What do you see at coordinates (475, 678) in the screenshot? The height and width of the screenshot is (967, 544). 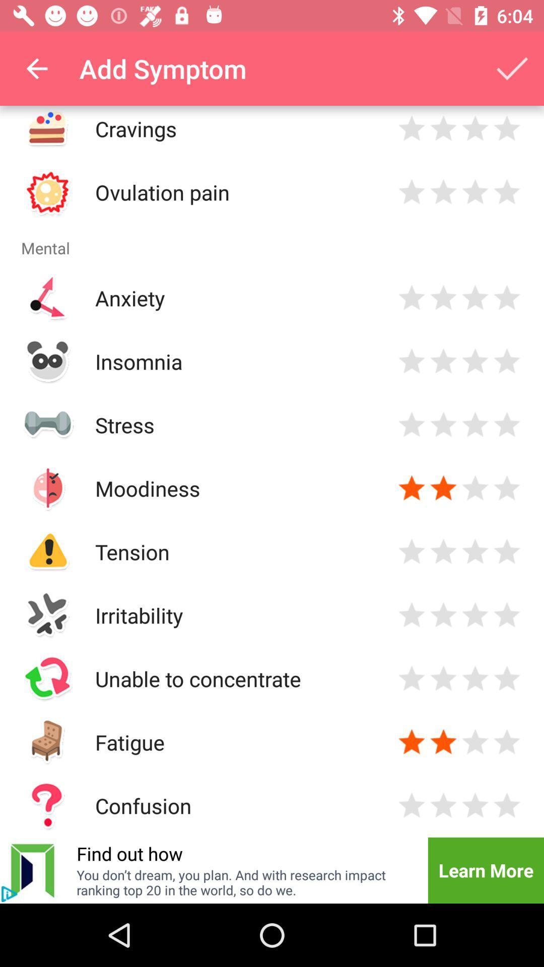 I see `rate symptom 3 stars` at bounding box center [475, 678].